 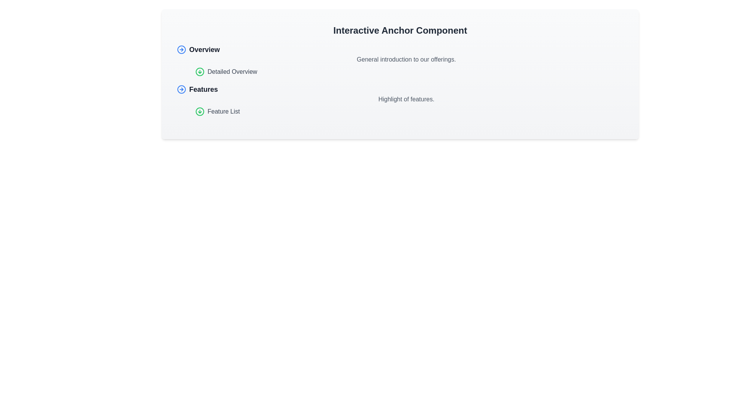 I want to click on the hyperlink located beneath the 'Overview' heading and above the 'Feature List' link, so click(x=232, y=72).